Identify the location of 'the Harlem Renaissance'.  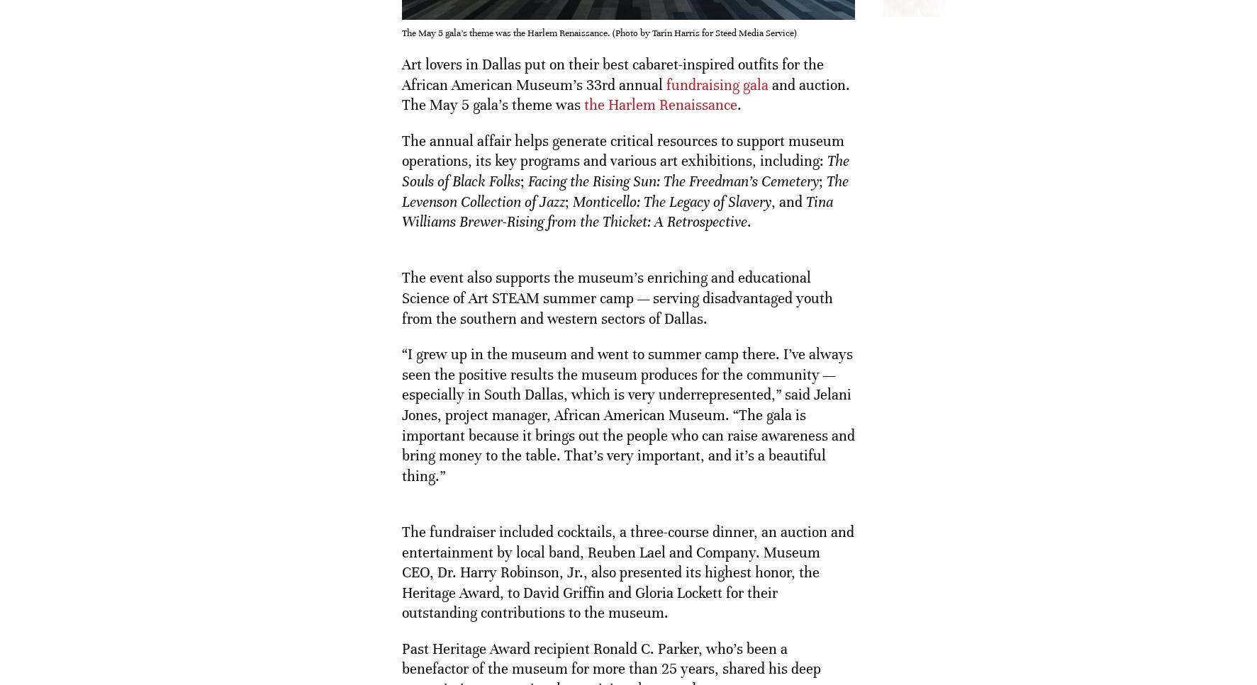
(583, 104).